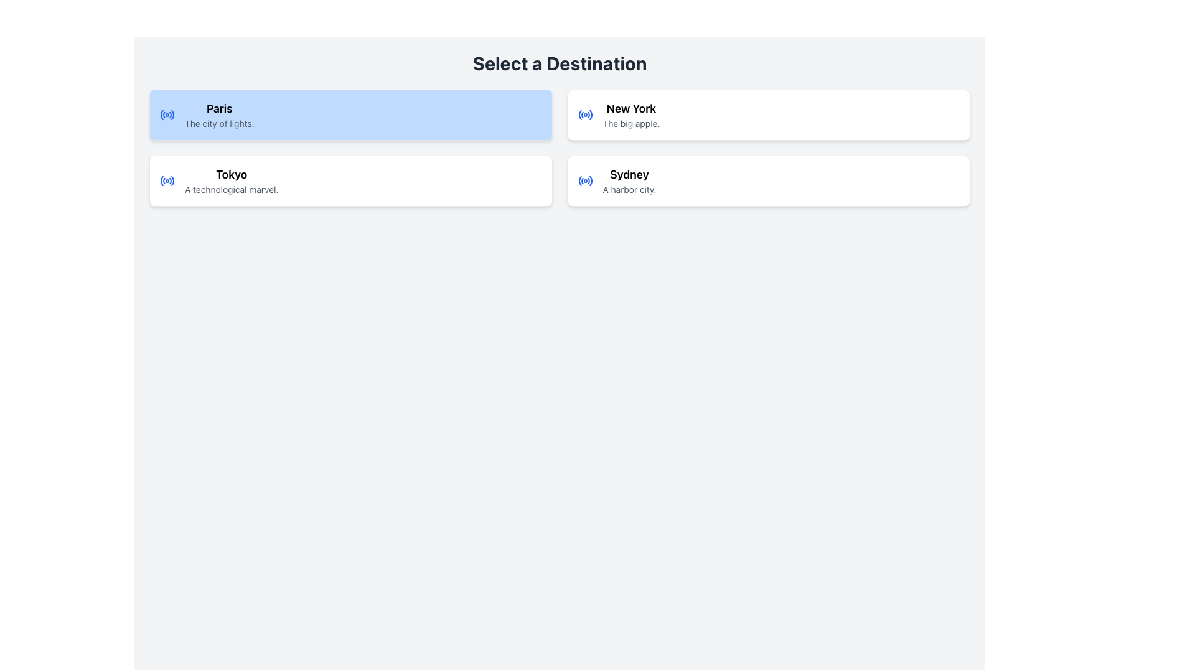 The width and height of the screenshot is (1195, 672). I want to click on the circular radio wave icon with blue styling located to the left of the text 'New York' in the upper-right section of the interface, so click(584, 115).